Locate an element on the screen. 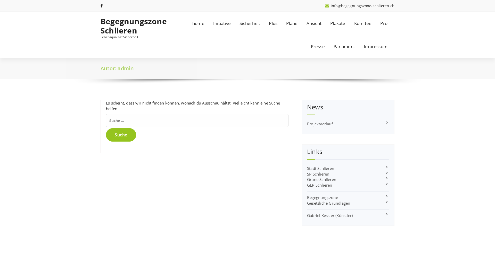  'SP Schlieren' is located at coordinates (318, 174).